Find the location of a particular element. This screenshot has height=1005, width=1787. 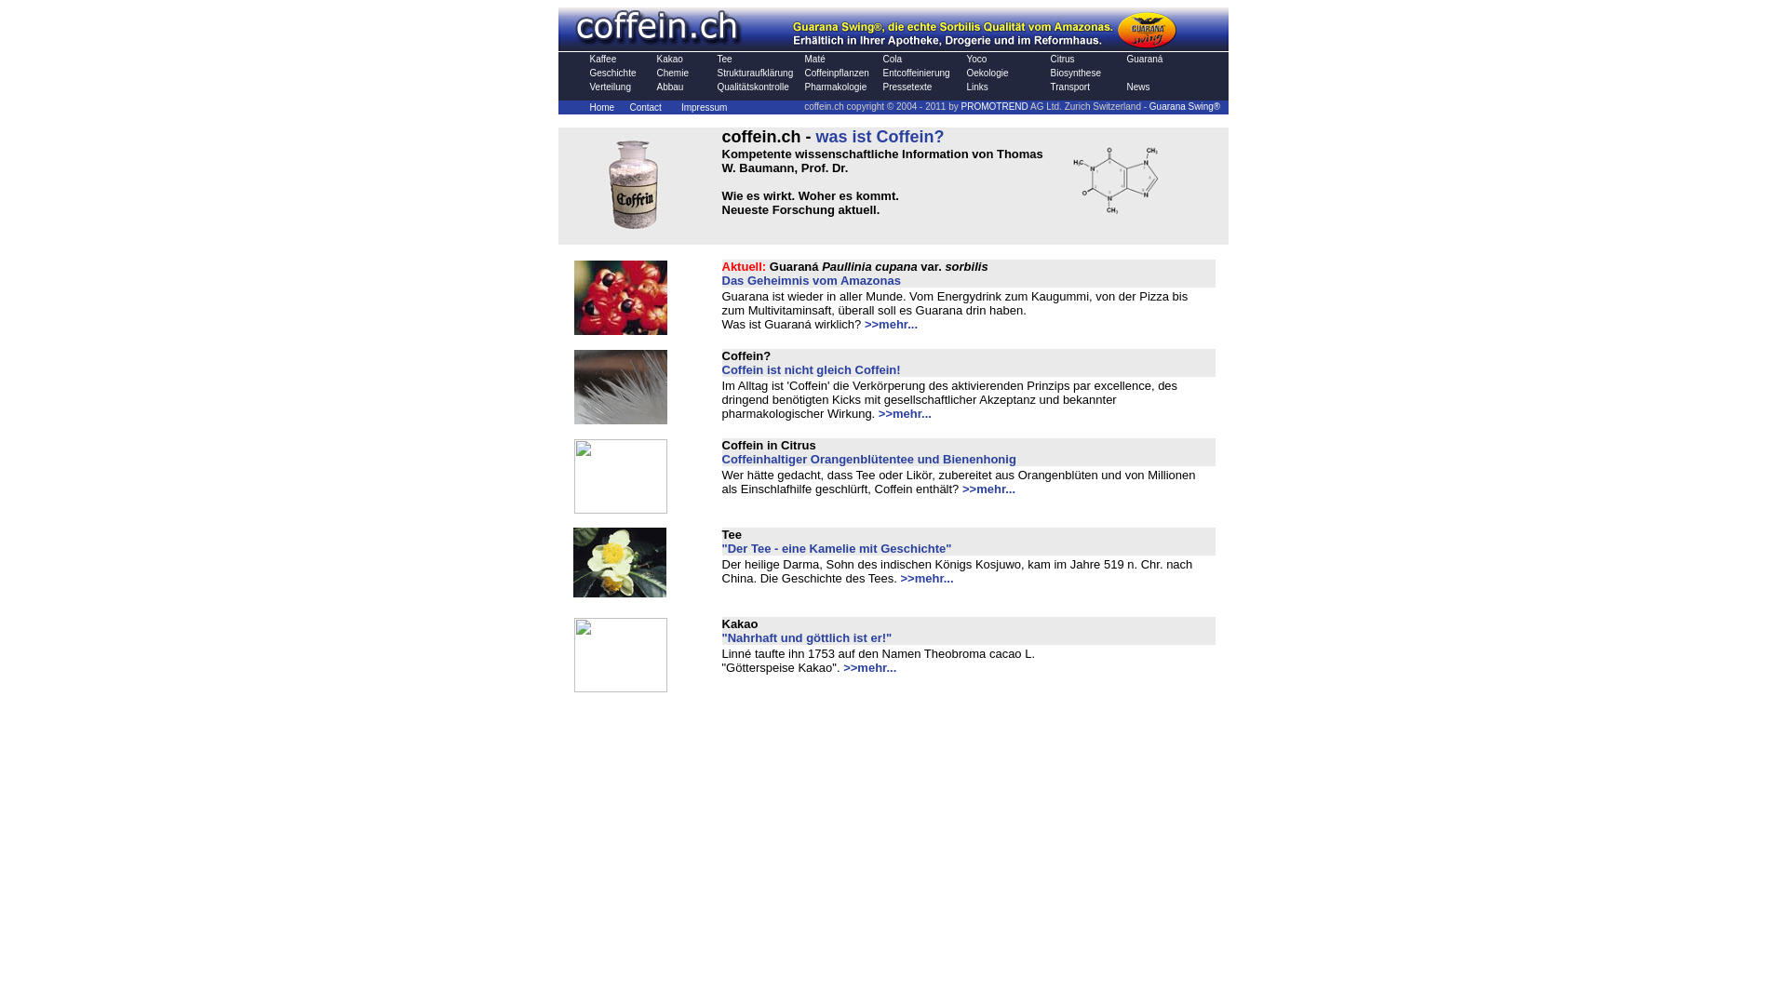

'Citrus' is located at coordinates (1050, 58).